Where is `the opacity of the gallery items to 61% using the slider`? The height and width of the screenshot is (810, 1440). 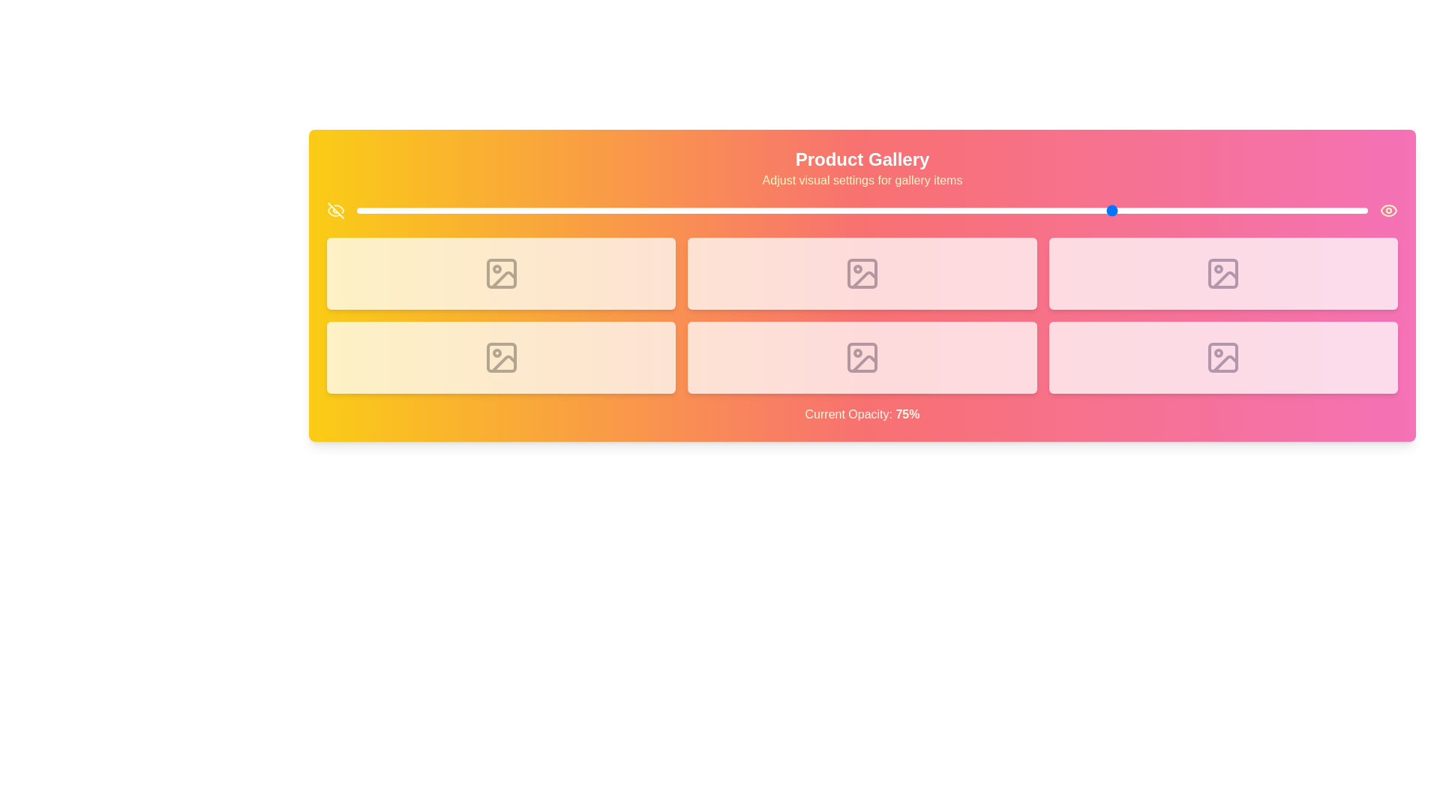
the opacity of the gallery items to 61% using the slider is located at coordinates (973, 211).